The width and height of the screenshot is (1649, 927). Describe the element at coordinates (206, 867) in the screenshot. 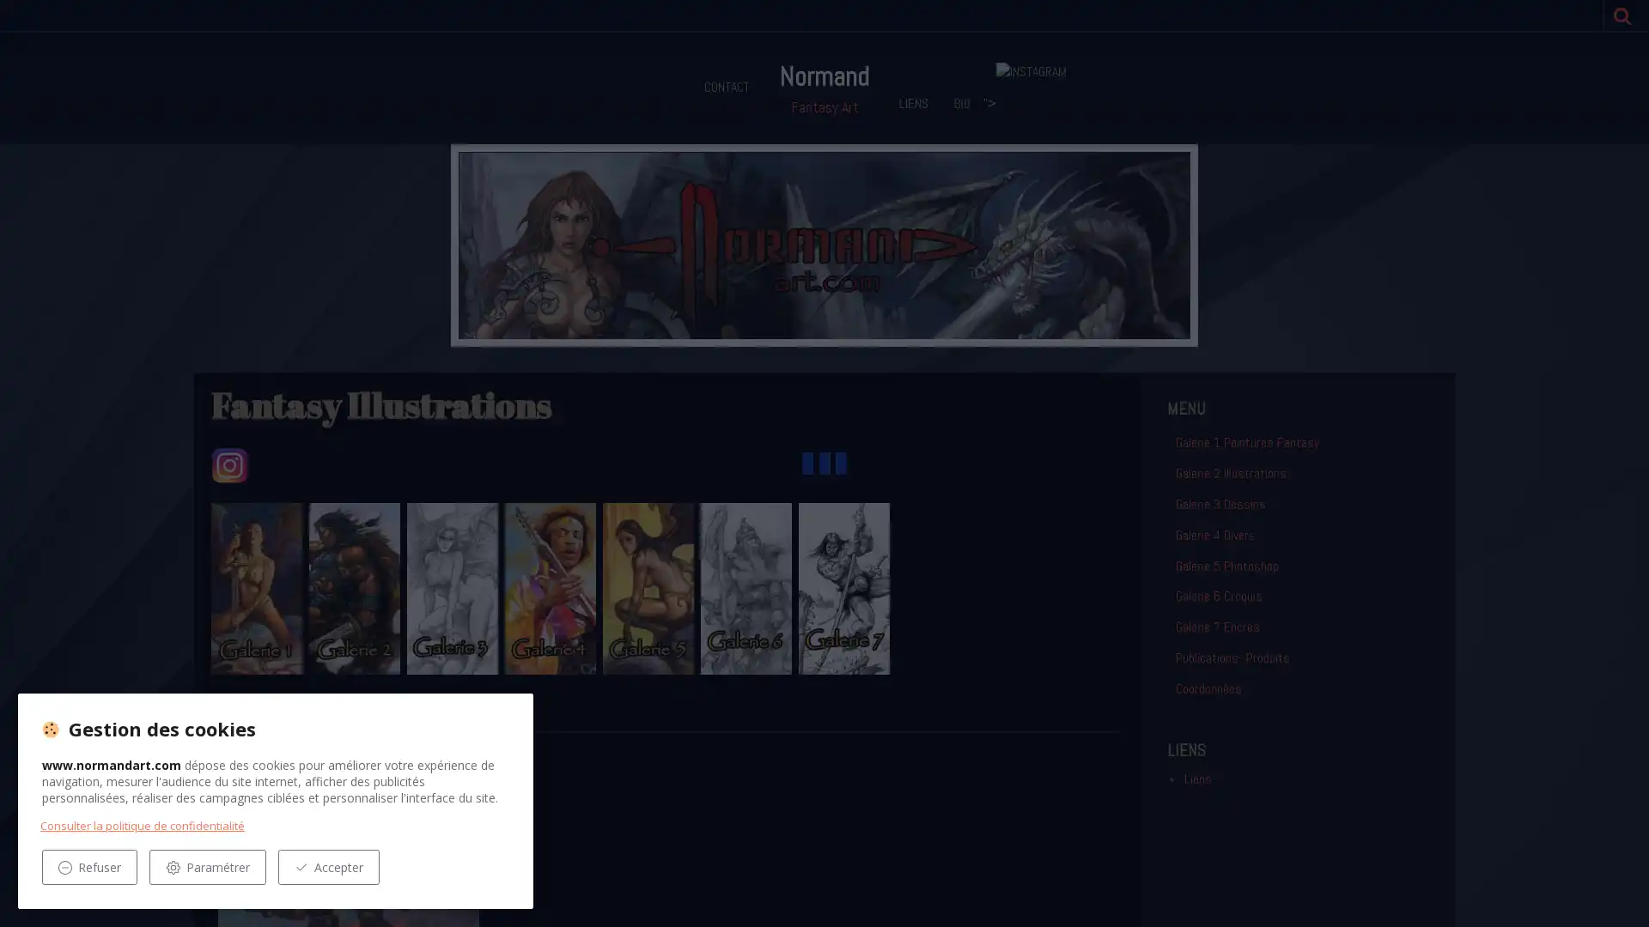

I see `Parametrer` at that location.